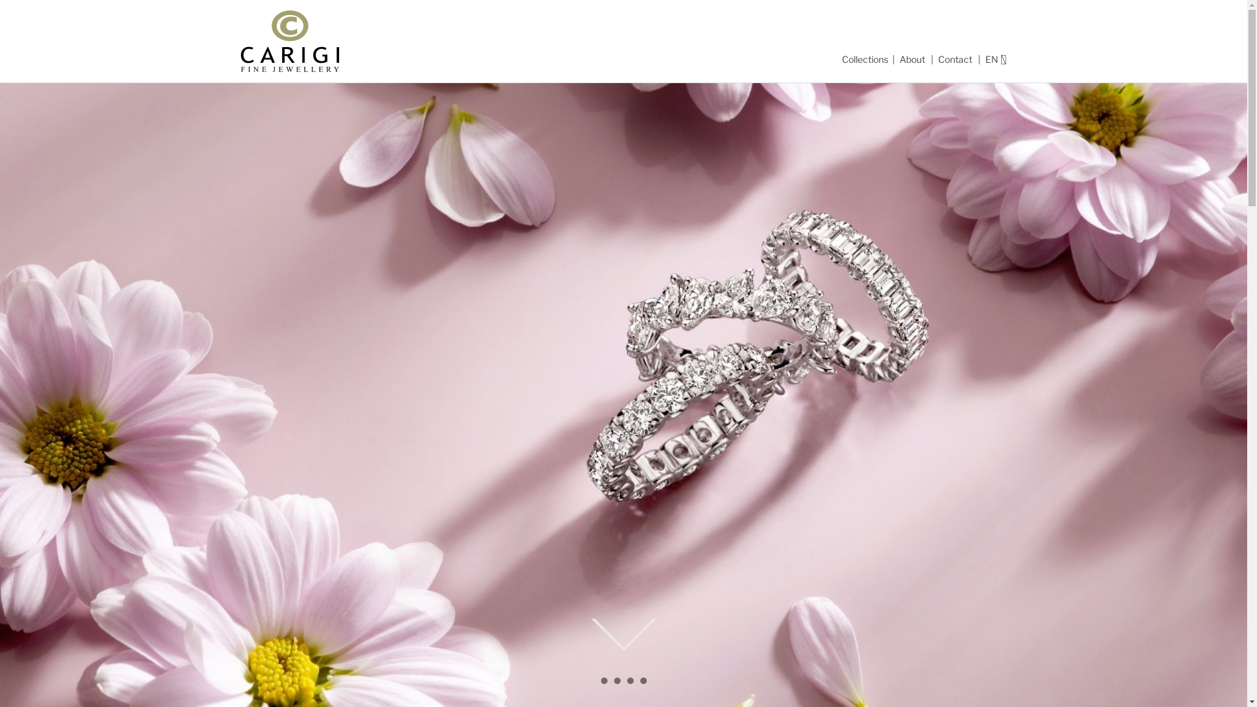  Describe the element at coordinates (898, 59) in the screenshot. I see `'About'` at that location.